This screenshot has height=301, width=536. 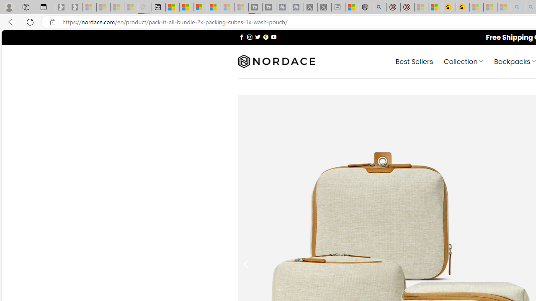 I want to click on 'Follow on Pinterest', so click(x=265, y=36).